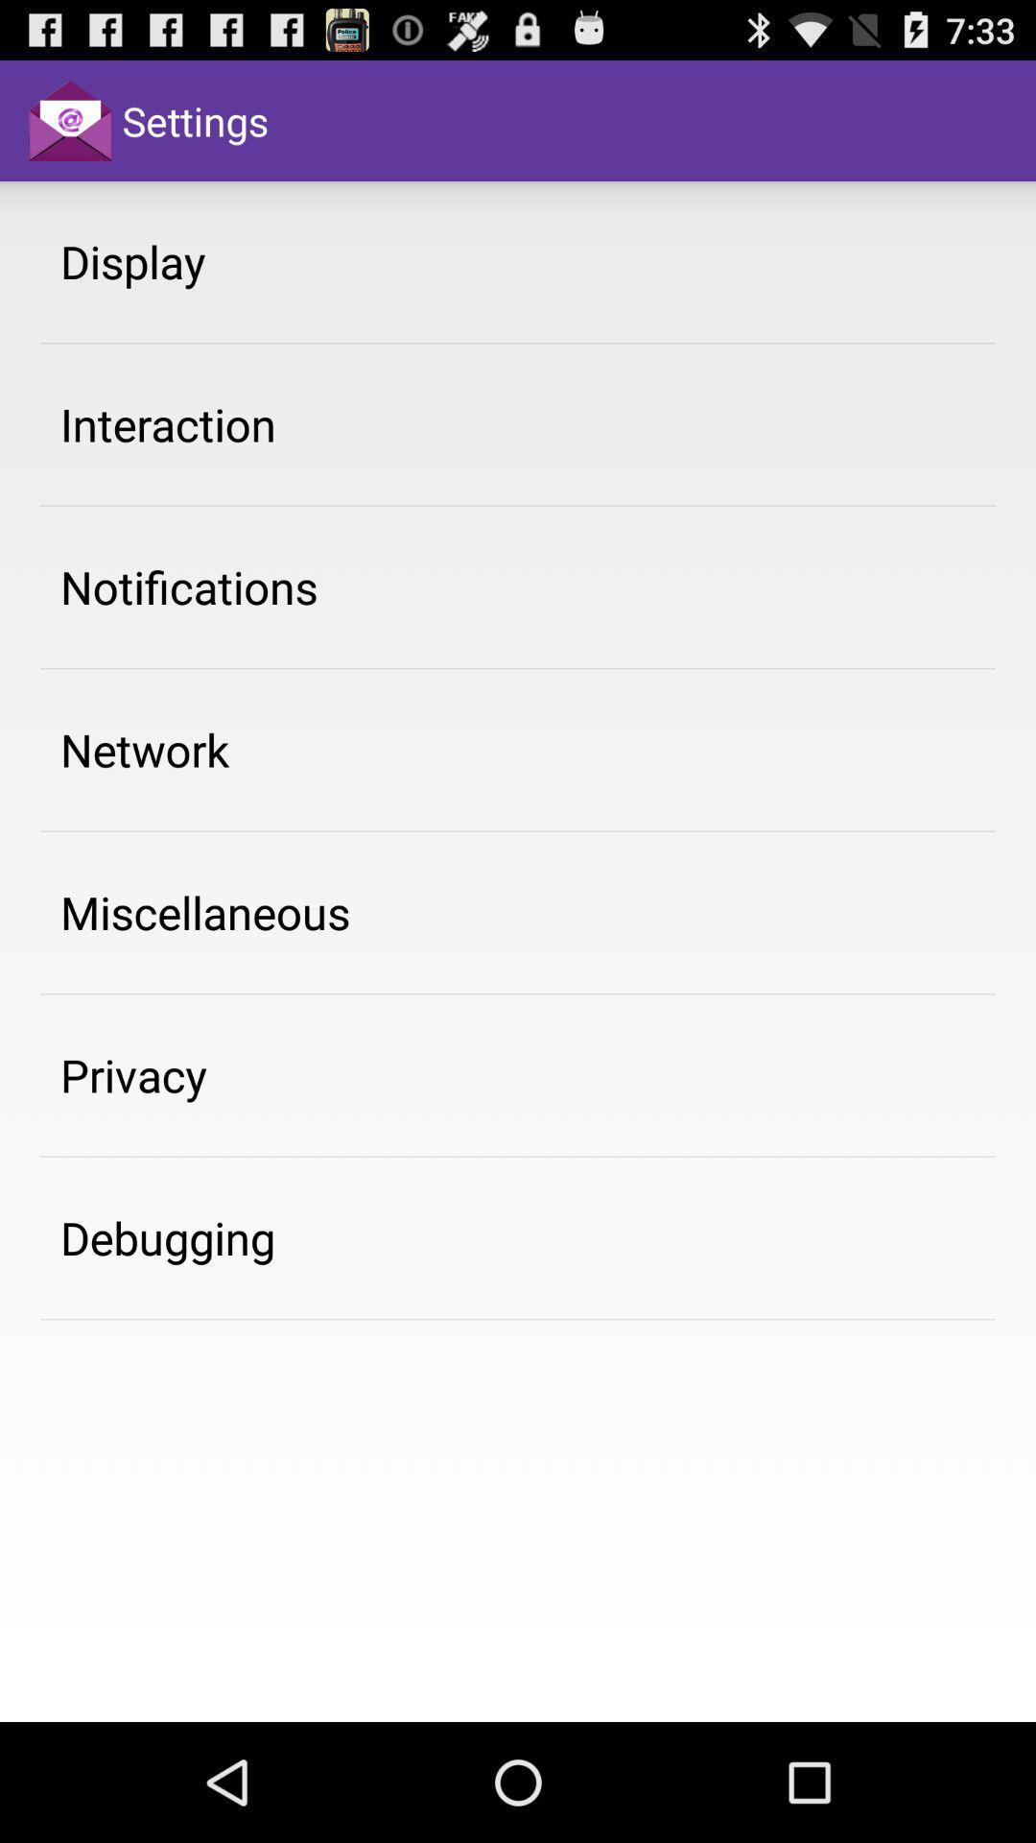 This screenshot has width=1036, height=1843. What do you see at coordinates (167, 1237) in the screenshot?
I see `app below privacy app` at bounding box center [167, 1237].